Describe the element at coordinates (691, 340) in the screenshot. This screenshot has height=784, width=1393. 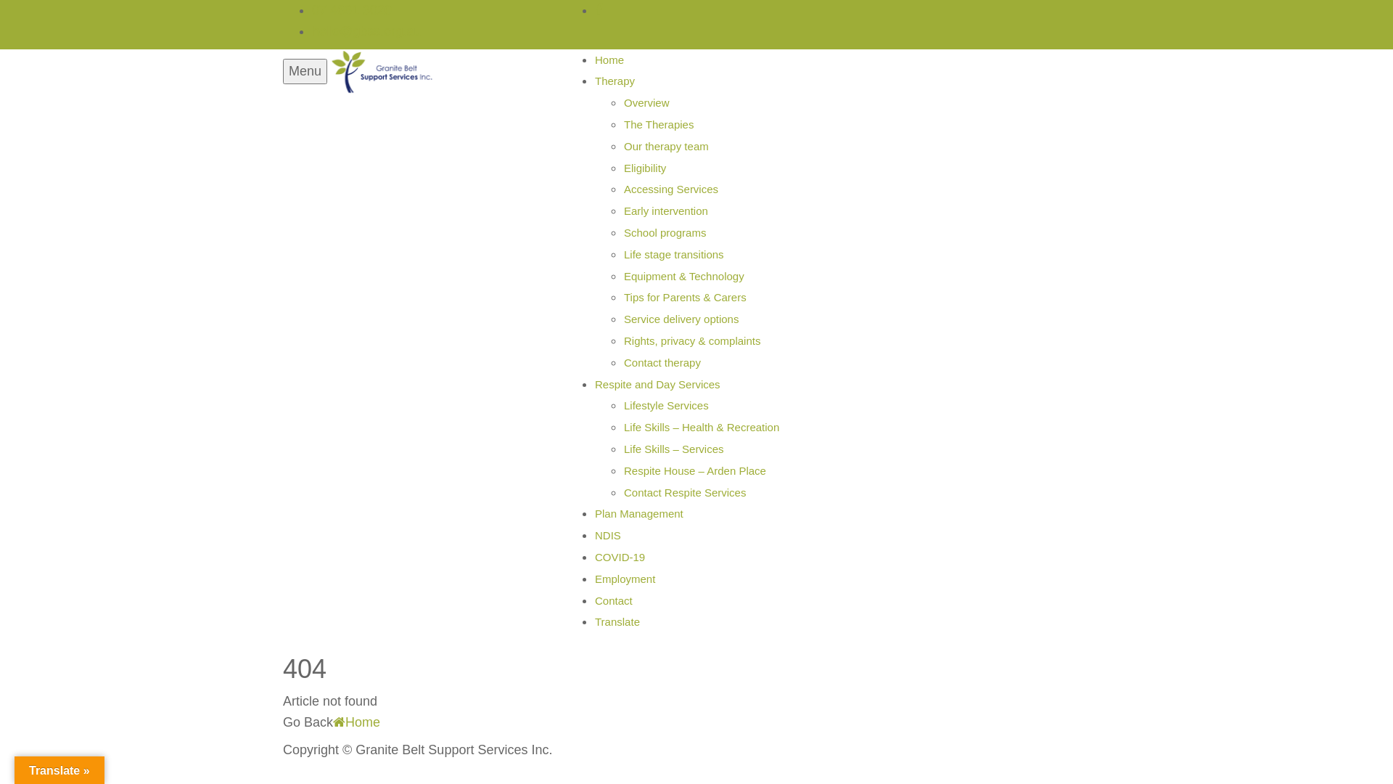
I see `'Rights, privacy & complaints'` at that location.